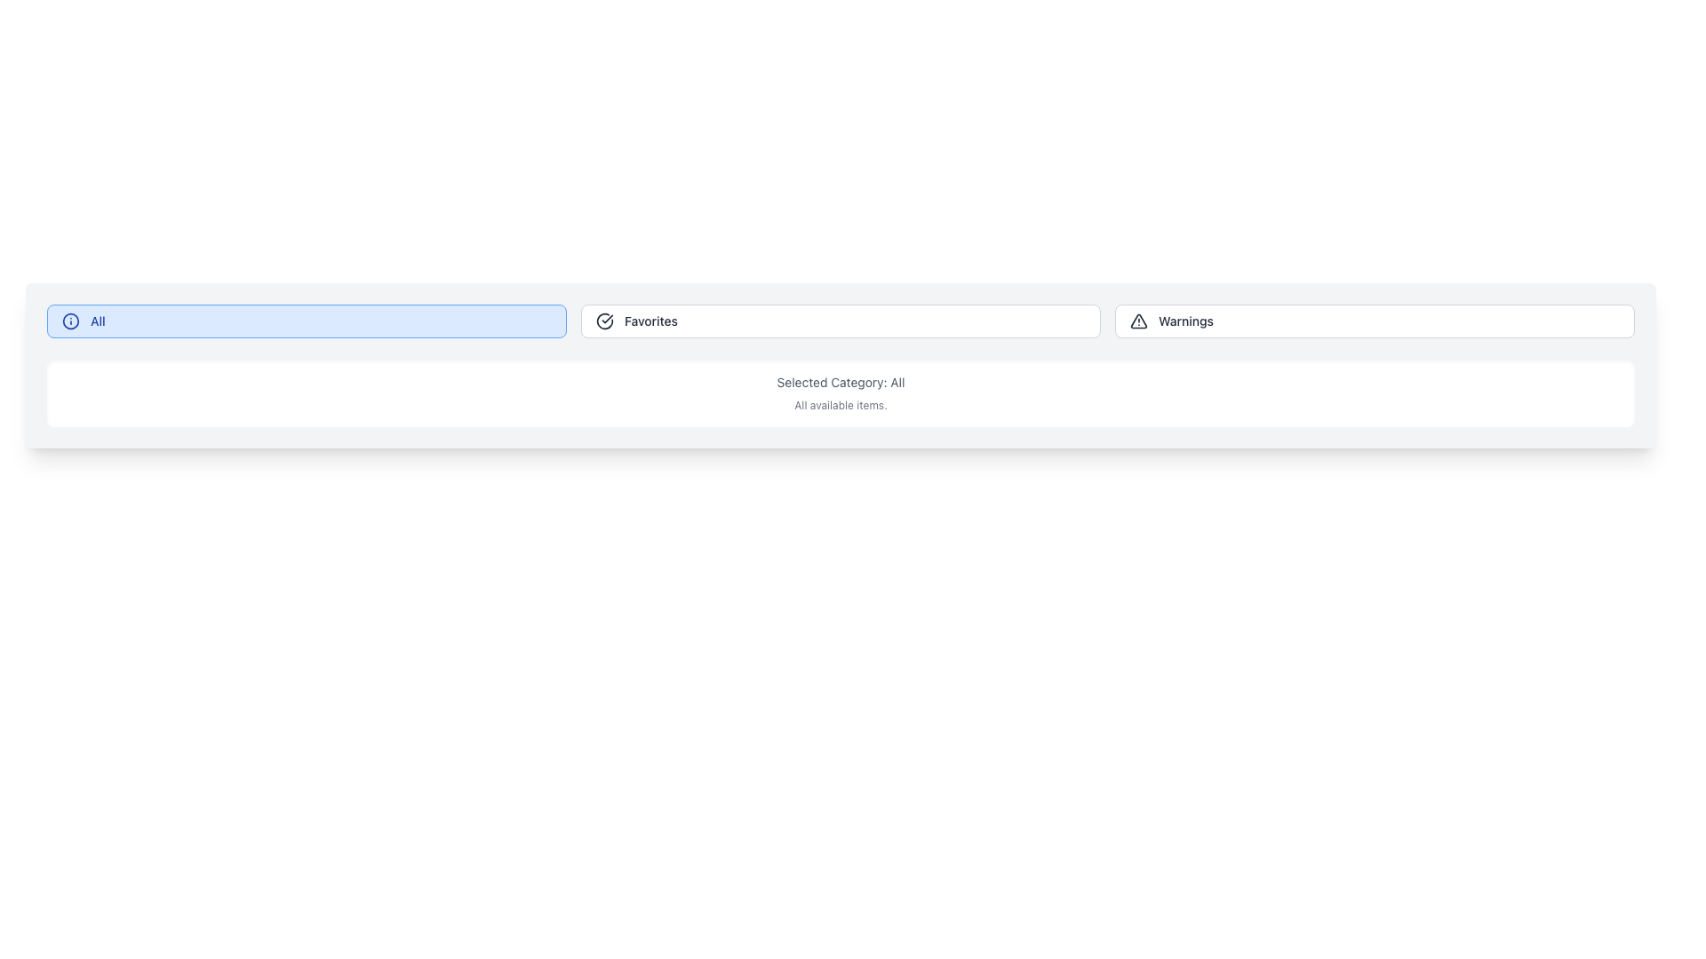 This screenshot has width=1706, height=959. What do you see at coordinates (97, 321) in the screenshot?
I see `the text label displaying 'All' in blue, which is part of a button-like structure with rounded corners, located near the left side of the interface` at bounding box center [97, 321].